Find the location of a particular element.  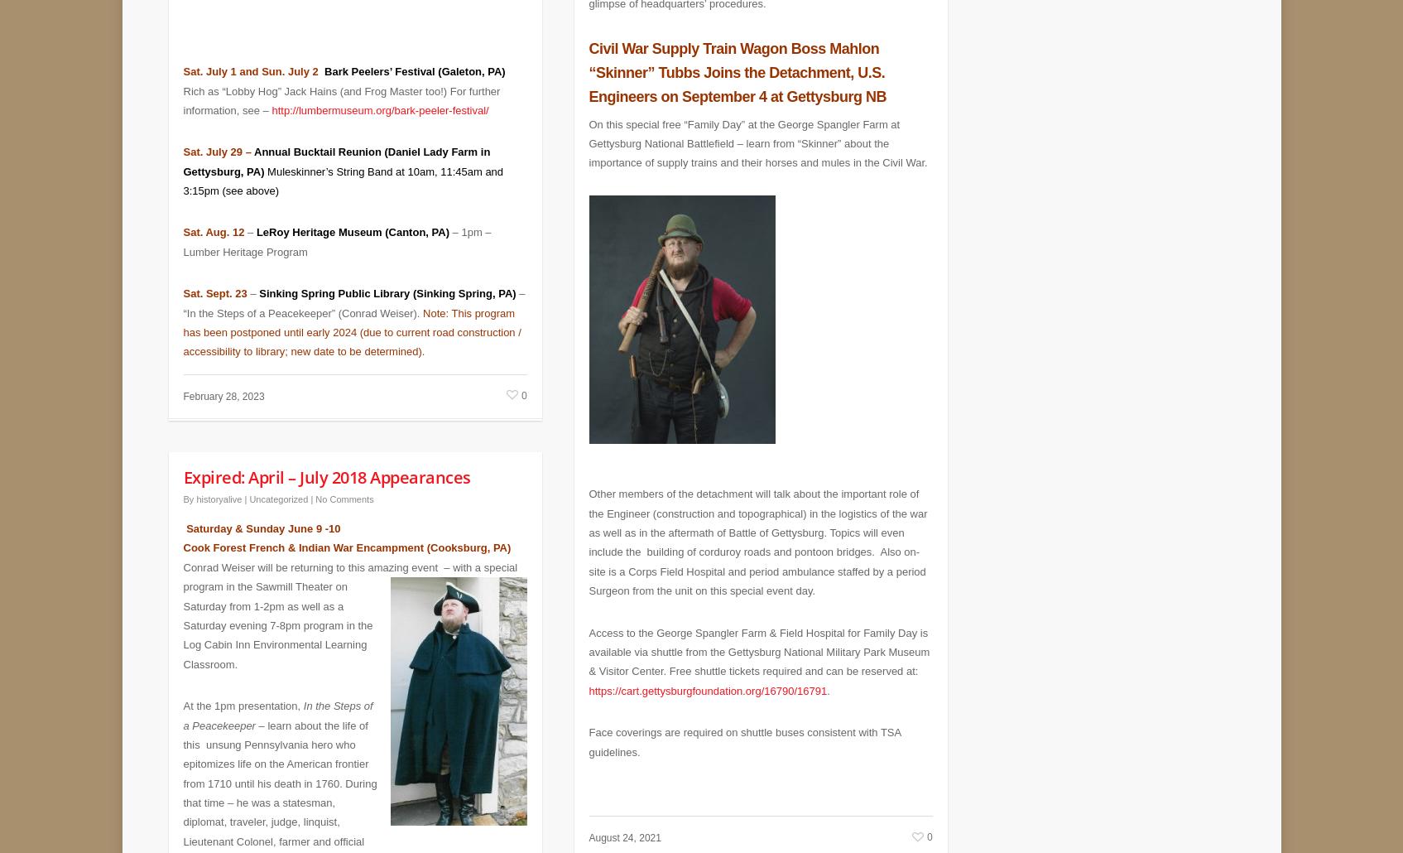

'By' is located at coordinates (187, 487).